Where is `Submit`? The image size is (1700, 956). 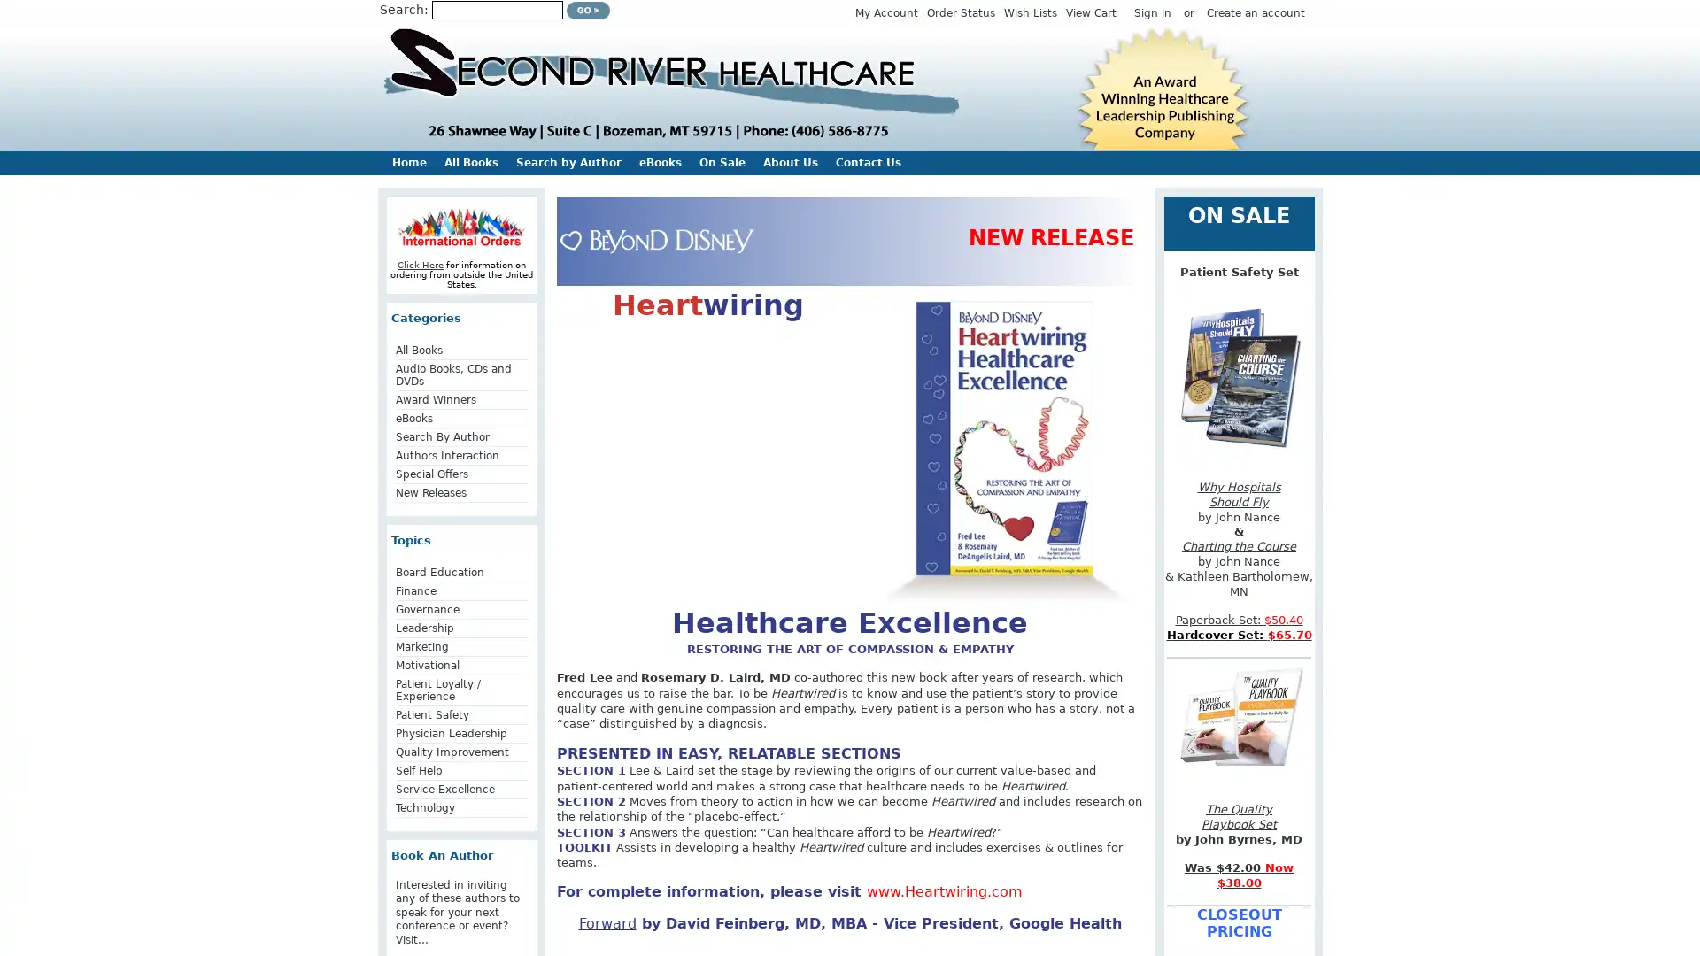 Submit is located at coordinates (587, 10).